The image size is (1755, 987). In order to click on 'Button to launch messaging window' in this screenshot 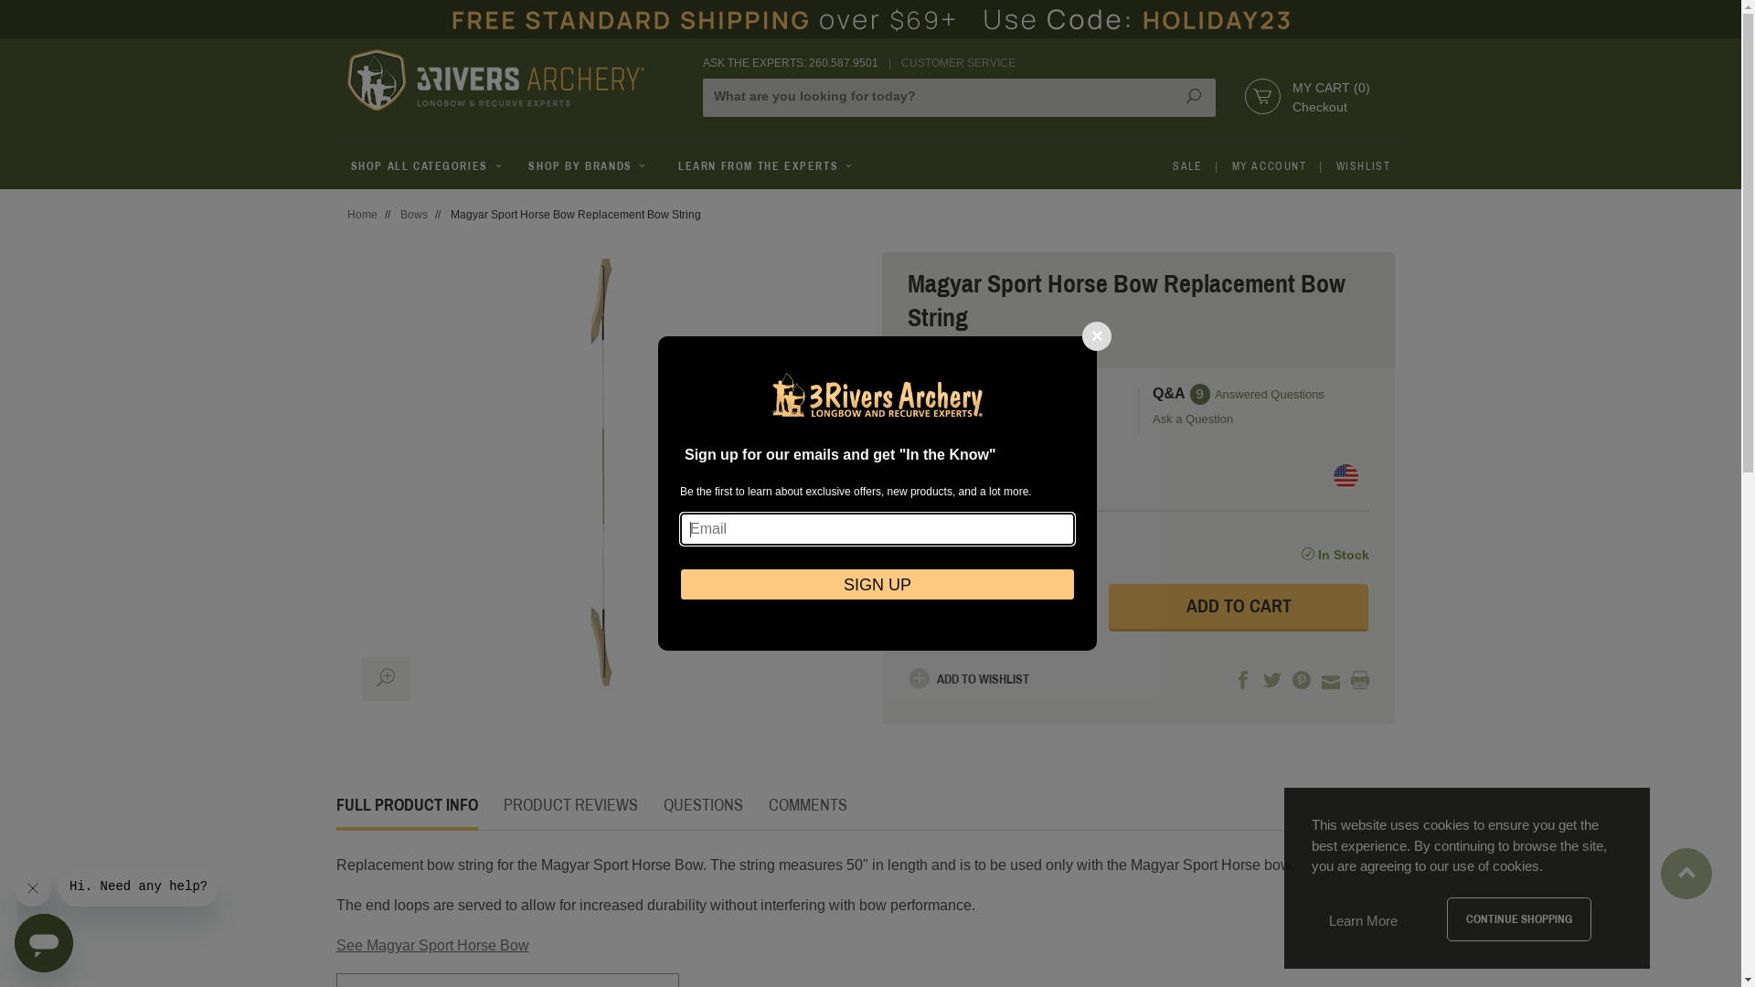, I will do `click(44, 943)`.